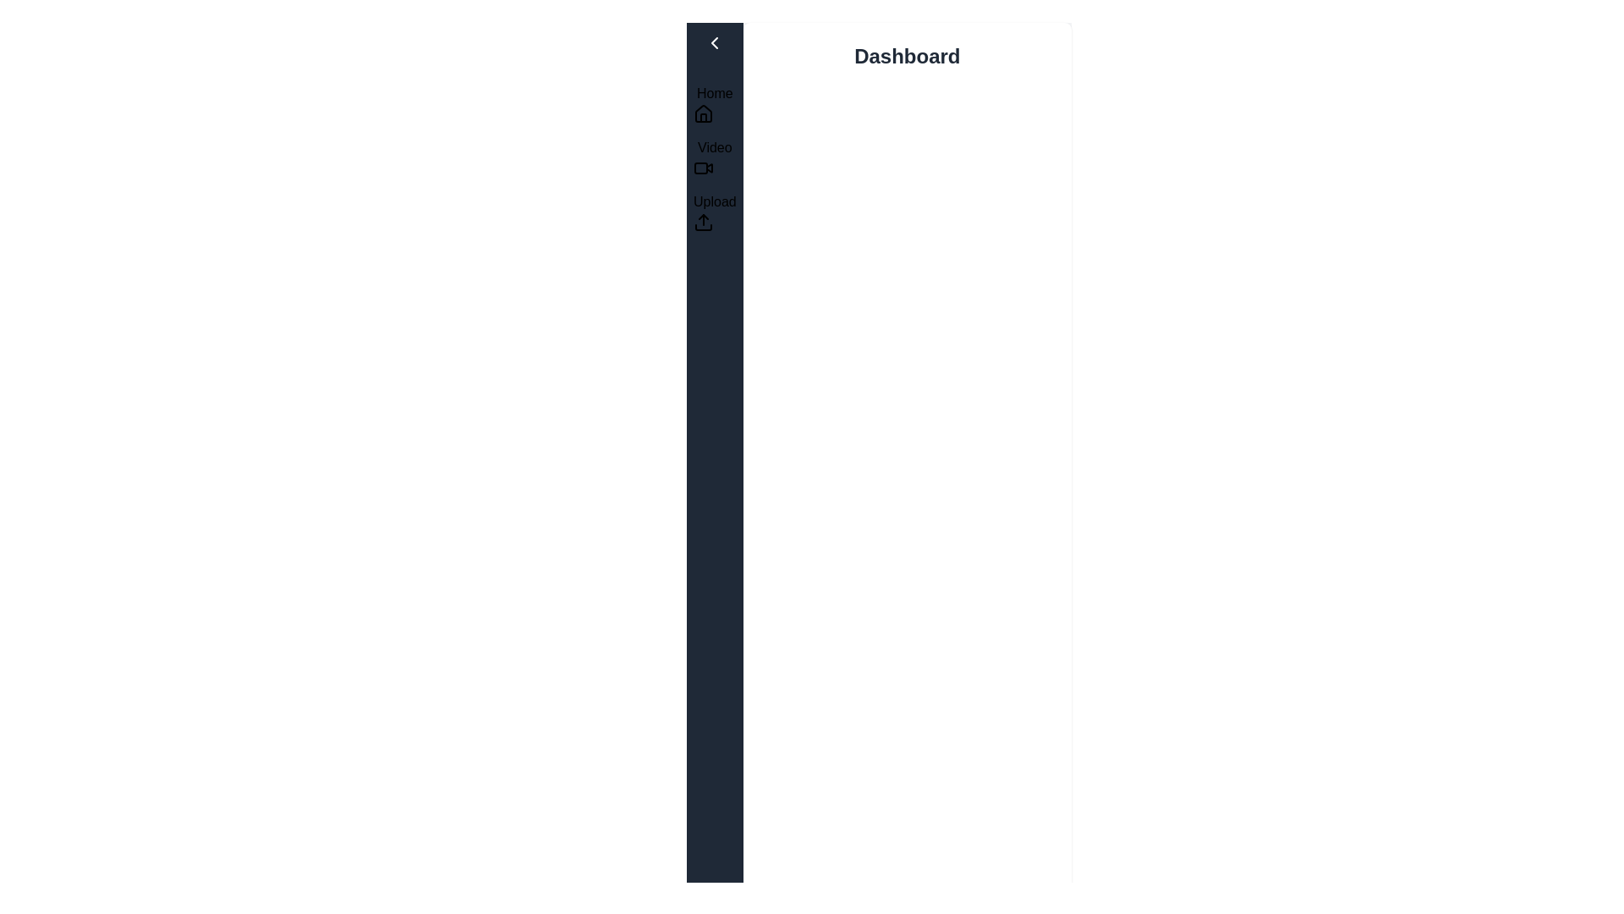 The image size is (1624, 914). I want to click on the visual representation of the small red video camera icon located in the middle section of the vertical navigation bar, positioned between the 'Home' and 'Upload' icons, so click(710, 167).